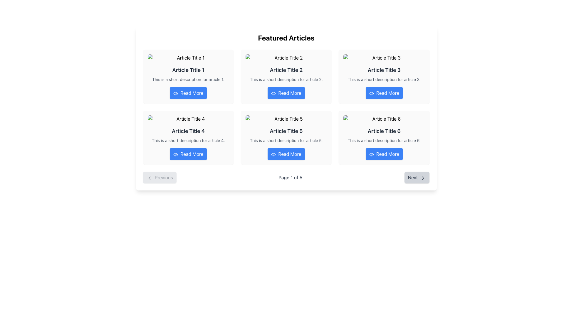 The image size is (564, 317). What do you see at coordinates (188, 131) in the screenshot?
I see `the text label that serves as the title for the associated article, located in the first row of the second column in the grid layout` at bounding box center [188, 131].